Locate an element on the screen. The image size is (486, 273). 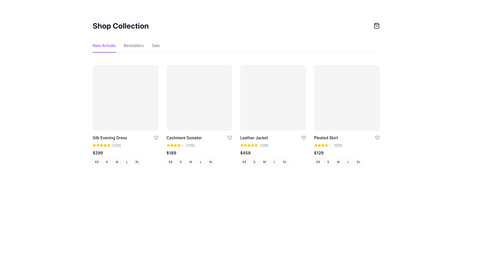
the third yellow star-shaped icon in the horizontal row located below the 'Cashmere Sweater' item in the 'Shop Collection' interface is located at coordinates (172, 145).